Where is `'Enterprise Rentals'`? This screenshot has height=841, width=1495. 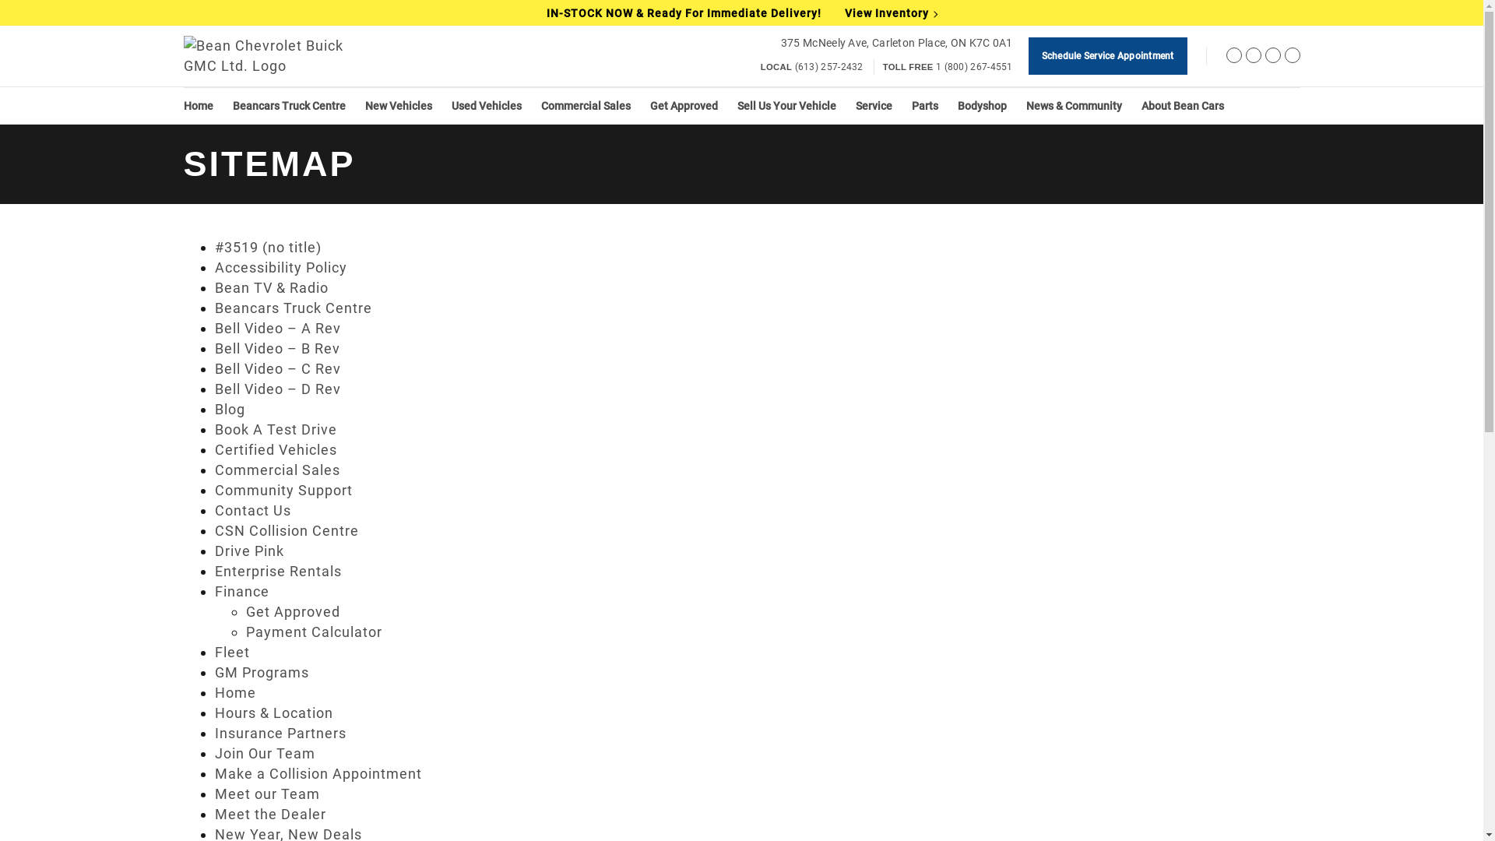 'Enterprise Rentals' is located at coordinates (278, 571).